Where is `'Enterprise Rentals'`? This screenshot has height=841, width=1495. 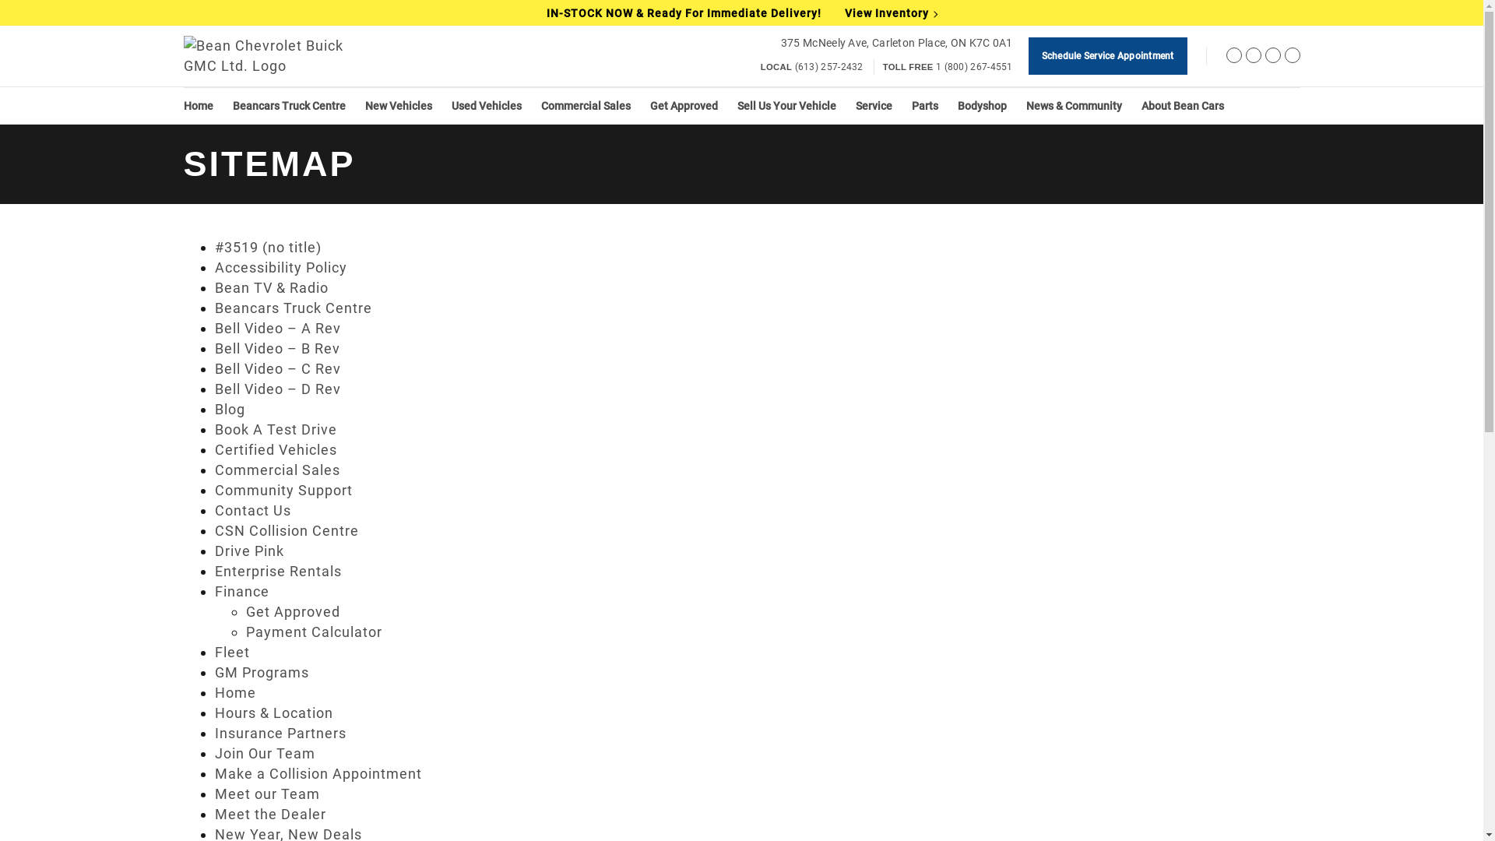 'Enterprise Rentals' is located at coordinates (278, 571).